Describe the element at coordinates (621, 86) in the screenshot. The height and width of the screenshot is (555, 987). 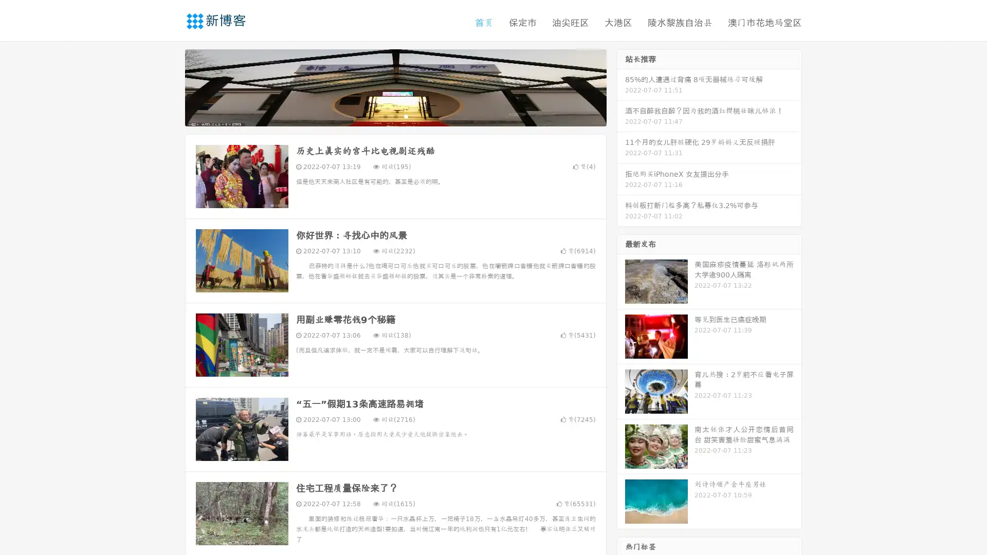
I see `Next slide` at that location.